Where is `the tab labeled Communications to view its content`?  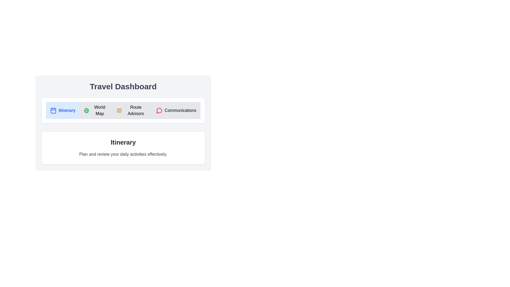 the tab labeled Communications to view its content is located at coordinates (176, 110).